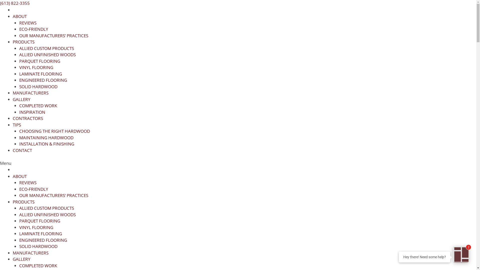 The image size is (480, 270). What do you see at coordinates (43, 239) in the screenshot?
I see `'ENGINEERED FLOORING'` at bounding box center [43, 239].